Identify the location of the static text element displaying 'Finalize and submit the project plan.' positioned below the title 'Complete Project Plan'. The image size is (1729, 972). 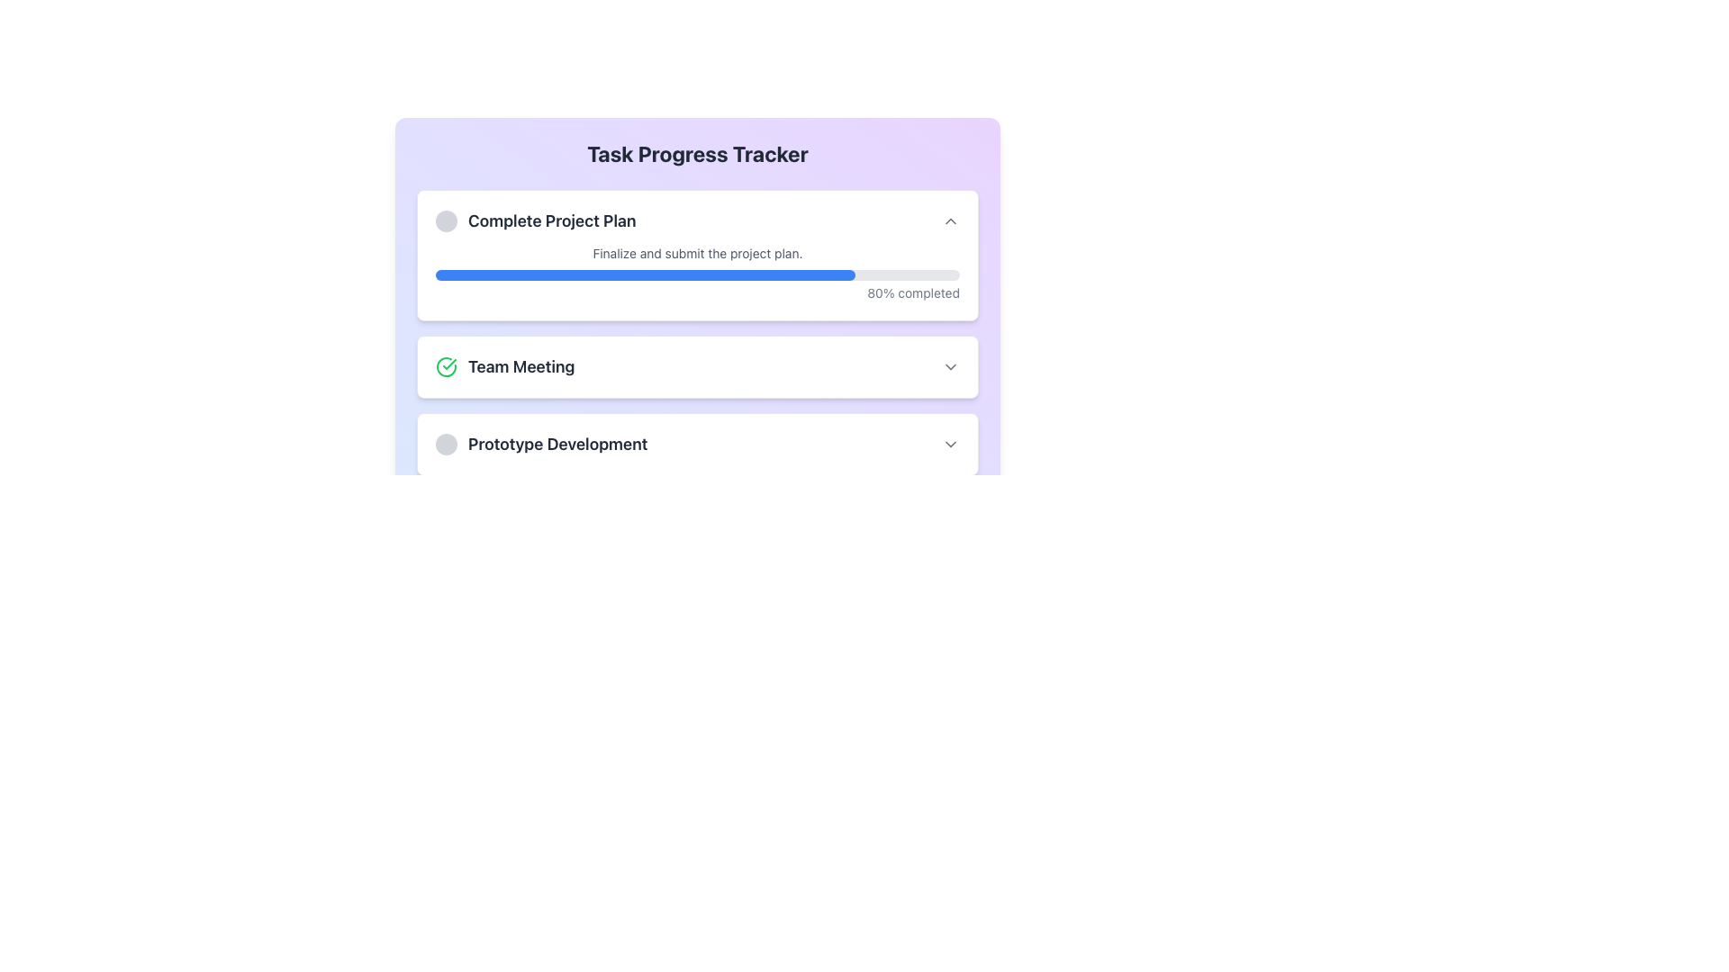
(696, 253).